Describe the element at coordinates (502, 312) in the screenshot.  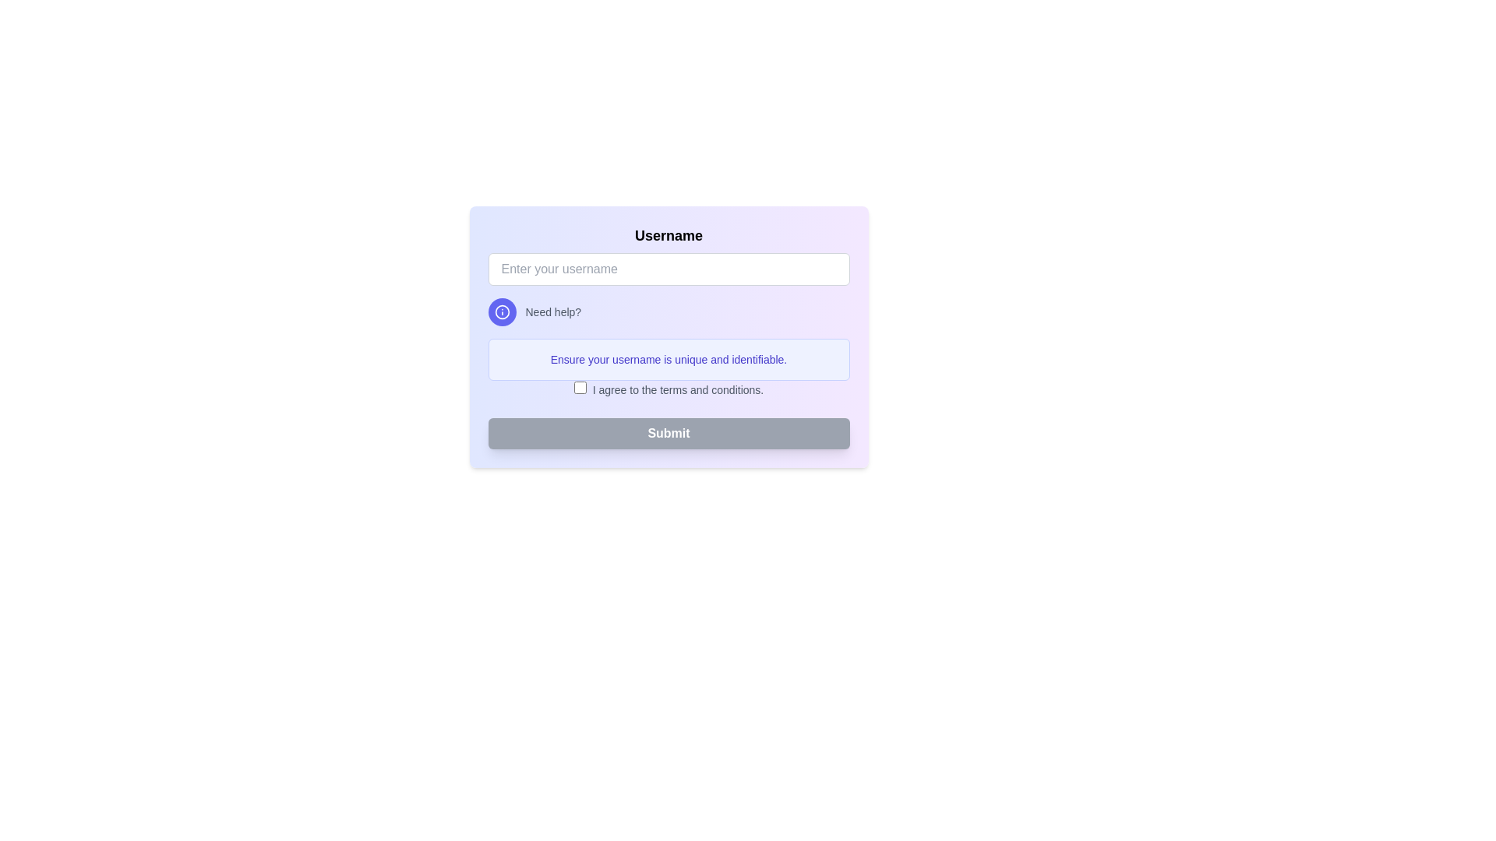
I see `the circular icon located next to the 'Need help?' text field` at that location.